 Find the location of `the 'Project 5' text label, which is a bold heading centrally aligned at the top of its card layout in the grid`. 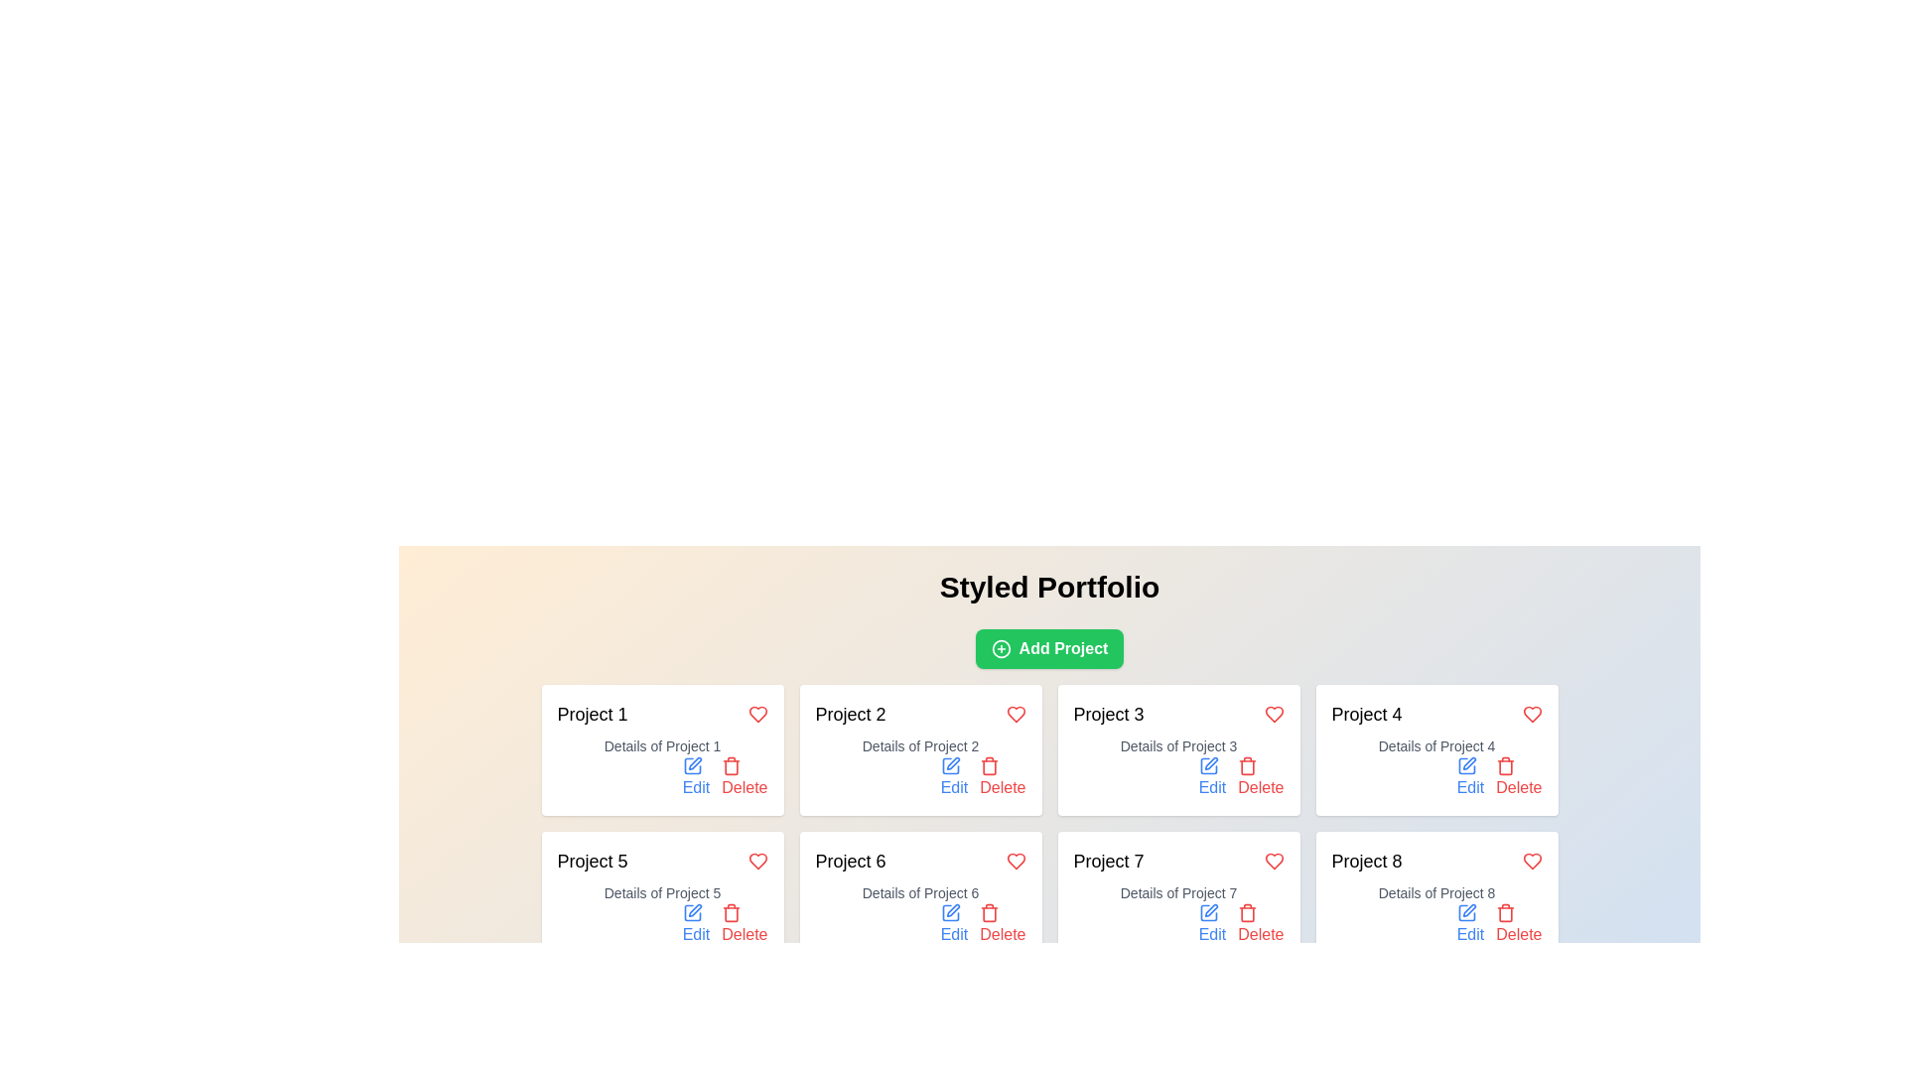

the 'Project 5' text label, which is a bold heading centrally aligned at the top of its card layout in the grid is located at coordinates (591, 860).